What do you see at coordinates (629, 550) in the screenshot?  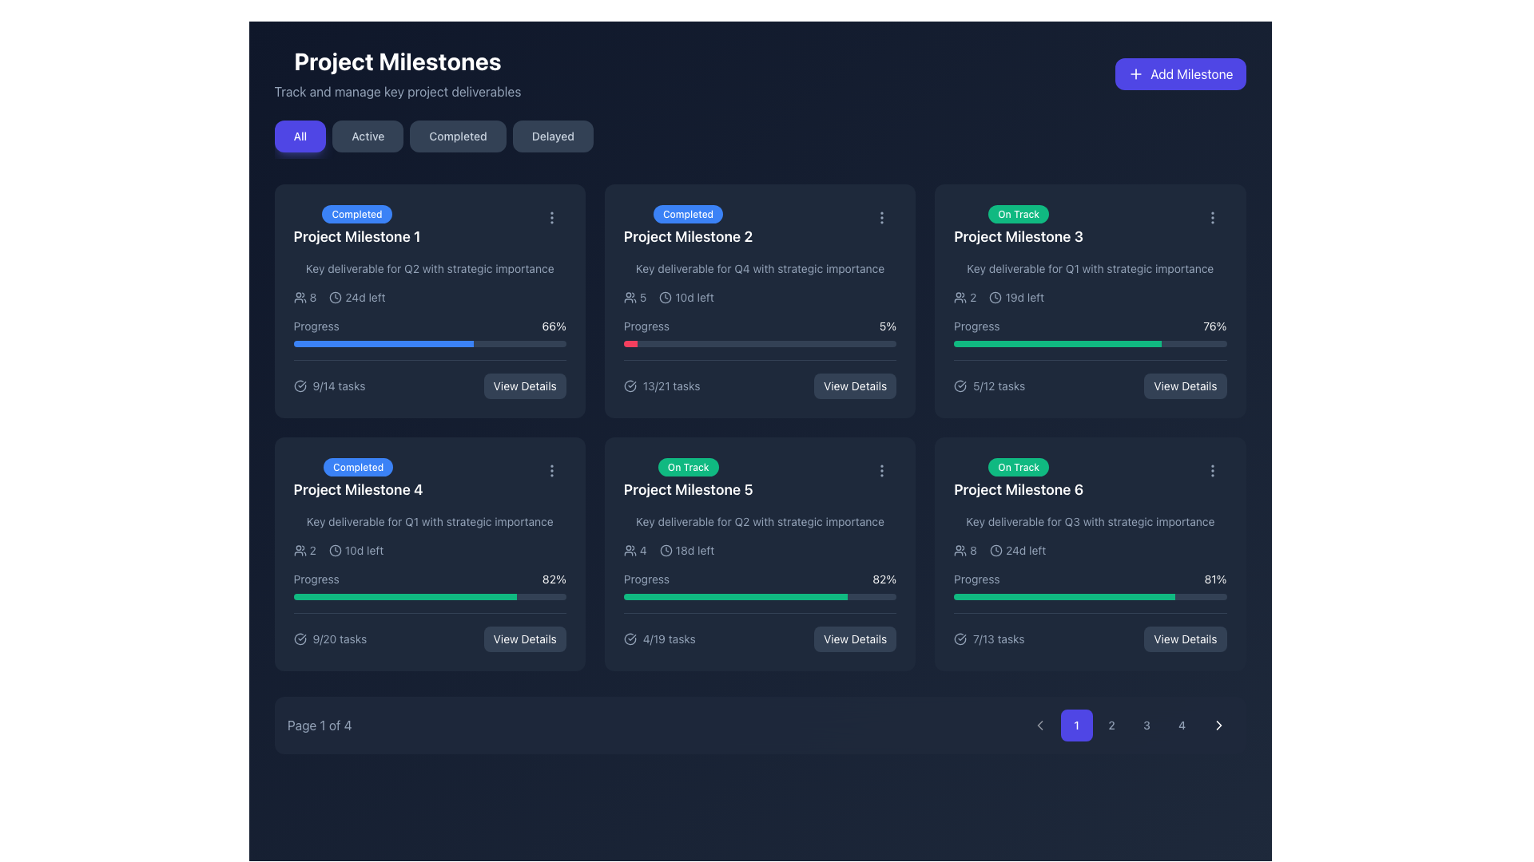 I see `the SVG icon resembling a group of people located in the second row, first column card under the 'Project Milestone 5' section` at bounding box center [629, 550].